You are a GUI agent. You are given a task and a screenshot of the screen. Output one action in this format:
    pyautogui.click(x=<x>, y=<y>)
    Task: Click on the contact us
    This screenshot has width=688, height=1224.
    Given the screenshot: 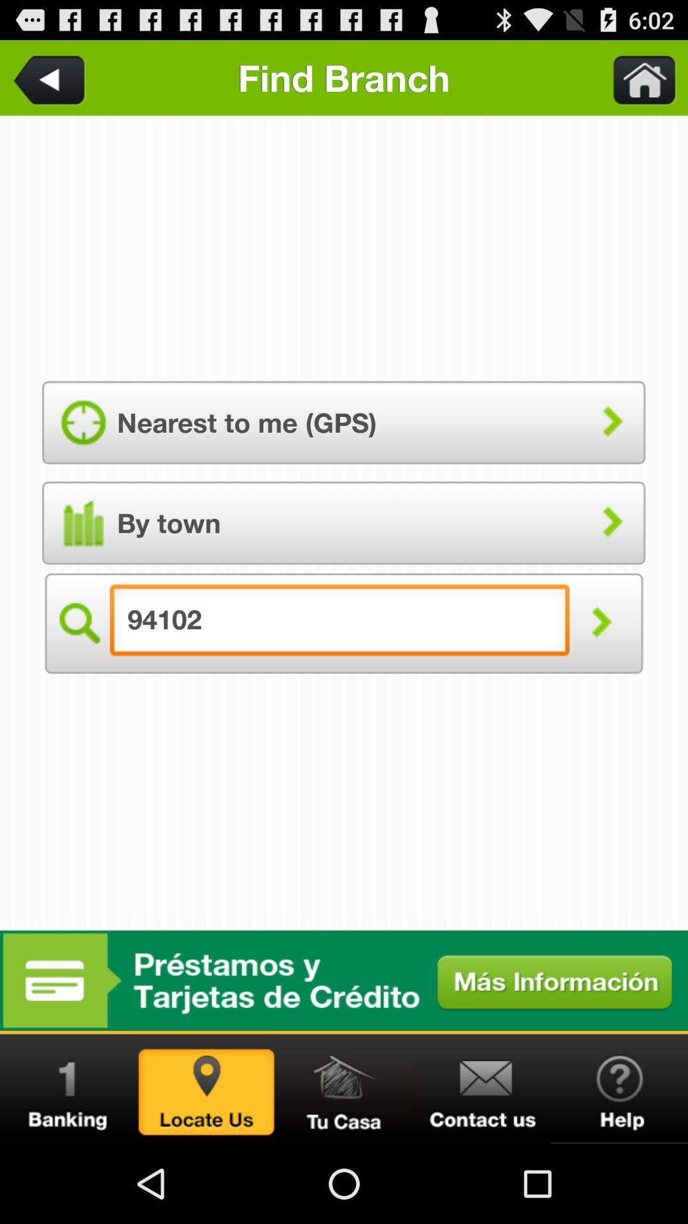 What is the action you would take?
    pyautogui.click(x=482, y=1088)
    